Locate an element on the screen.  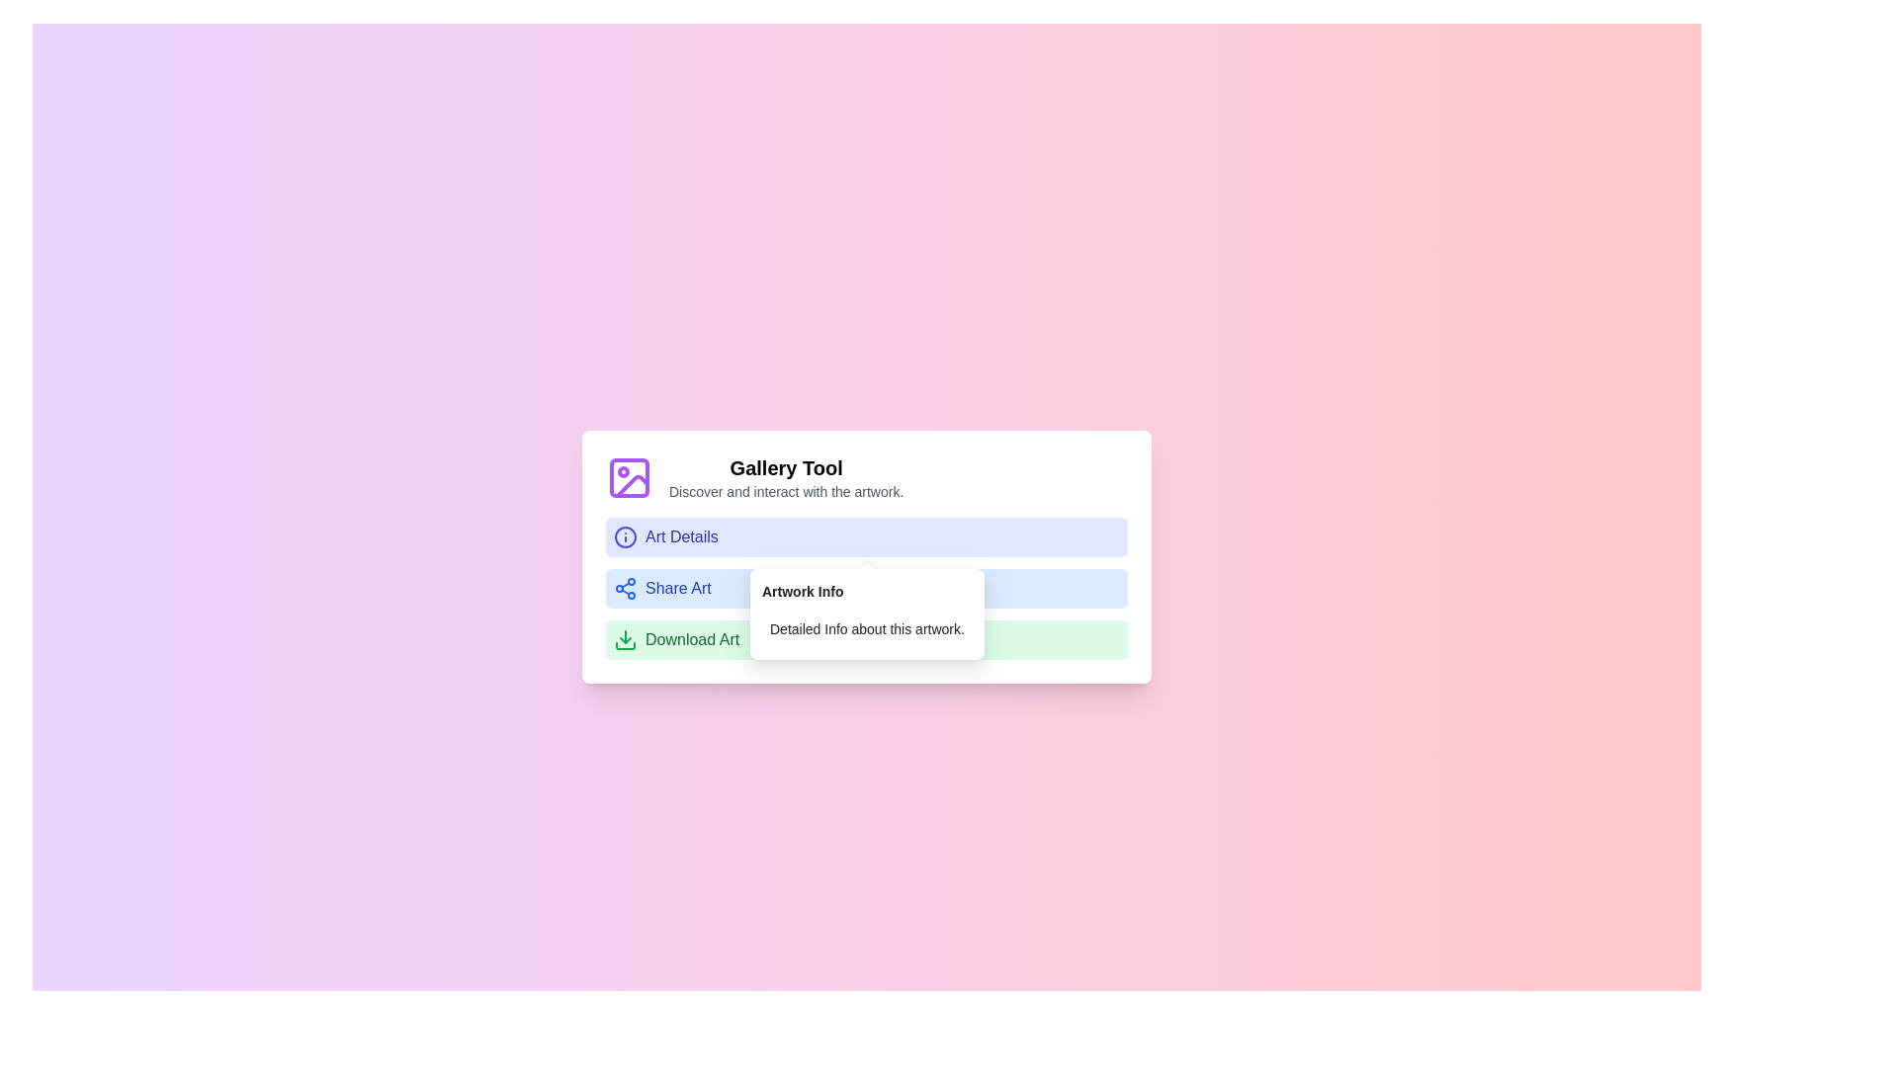
the text label reading 'Download Art' is located at coordinates (692, 640).